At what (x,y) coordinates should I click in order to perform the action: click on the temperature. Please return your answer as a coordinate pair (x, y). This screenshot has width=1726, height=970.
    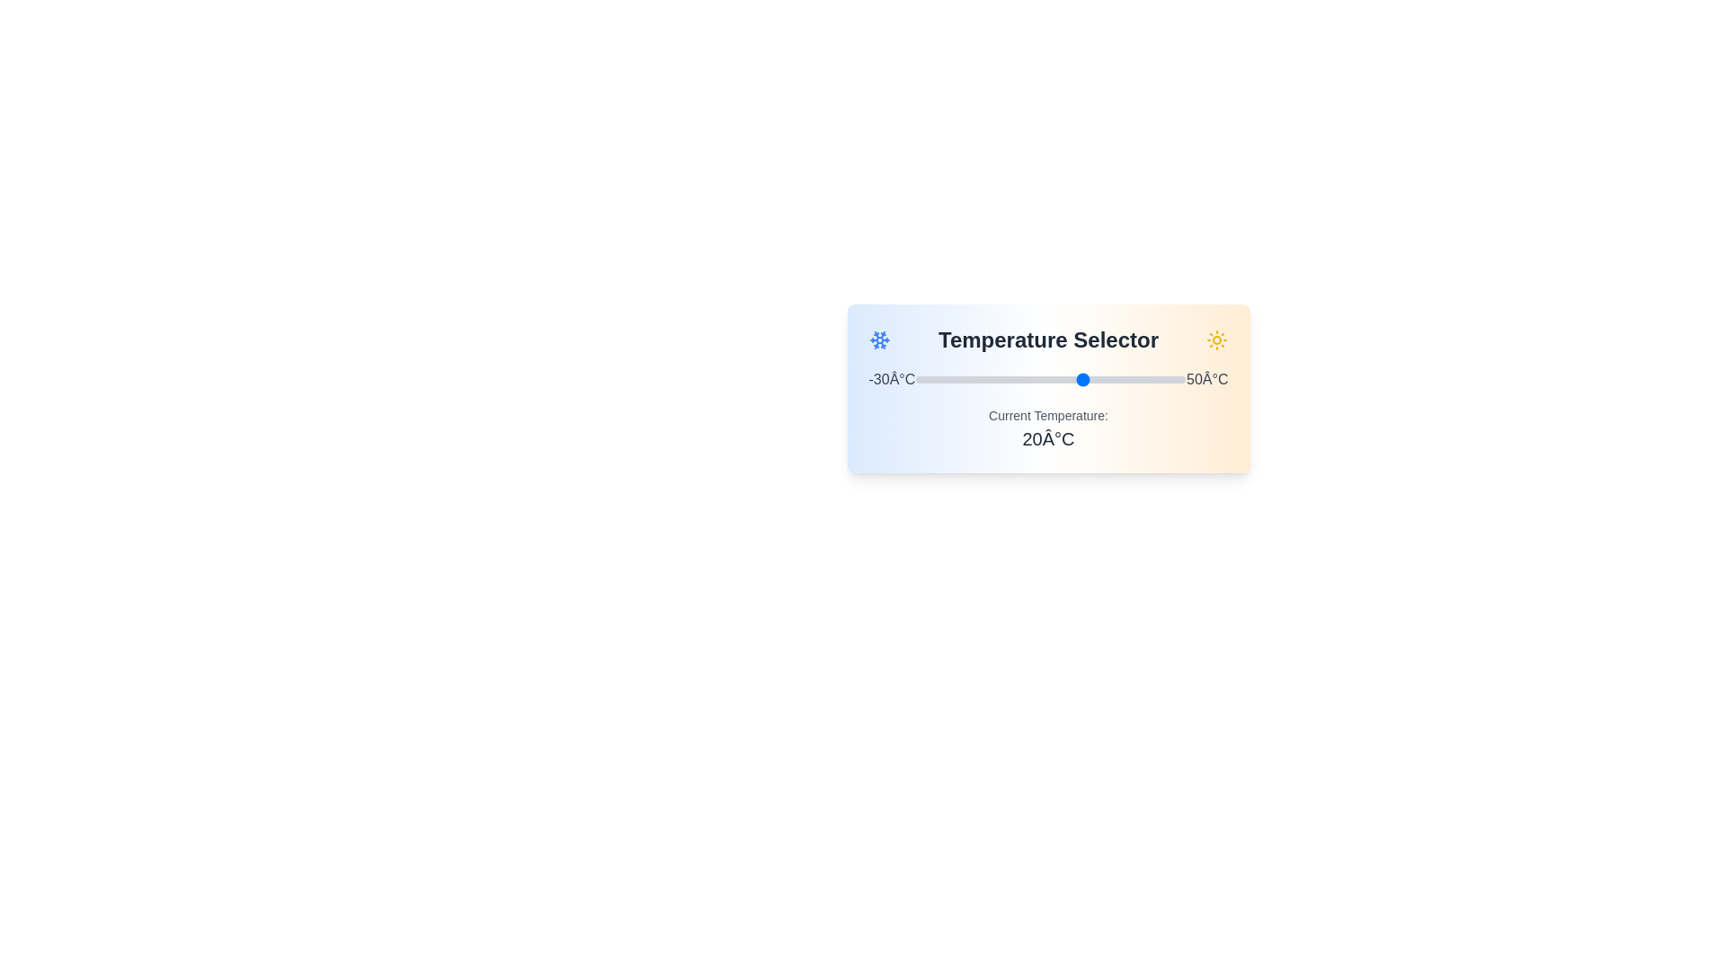
    Looking at the image, I should click on (1152, 379).